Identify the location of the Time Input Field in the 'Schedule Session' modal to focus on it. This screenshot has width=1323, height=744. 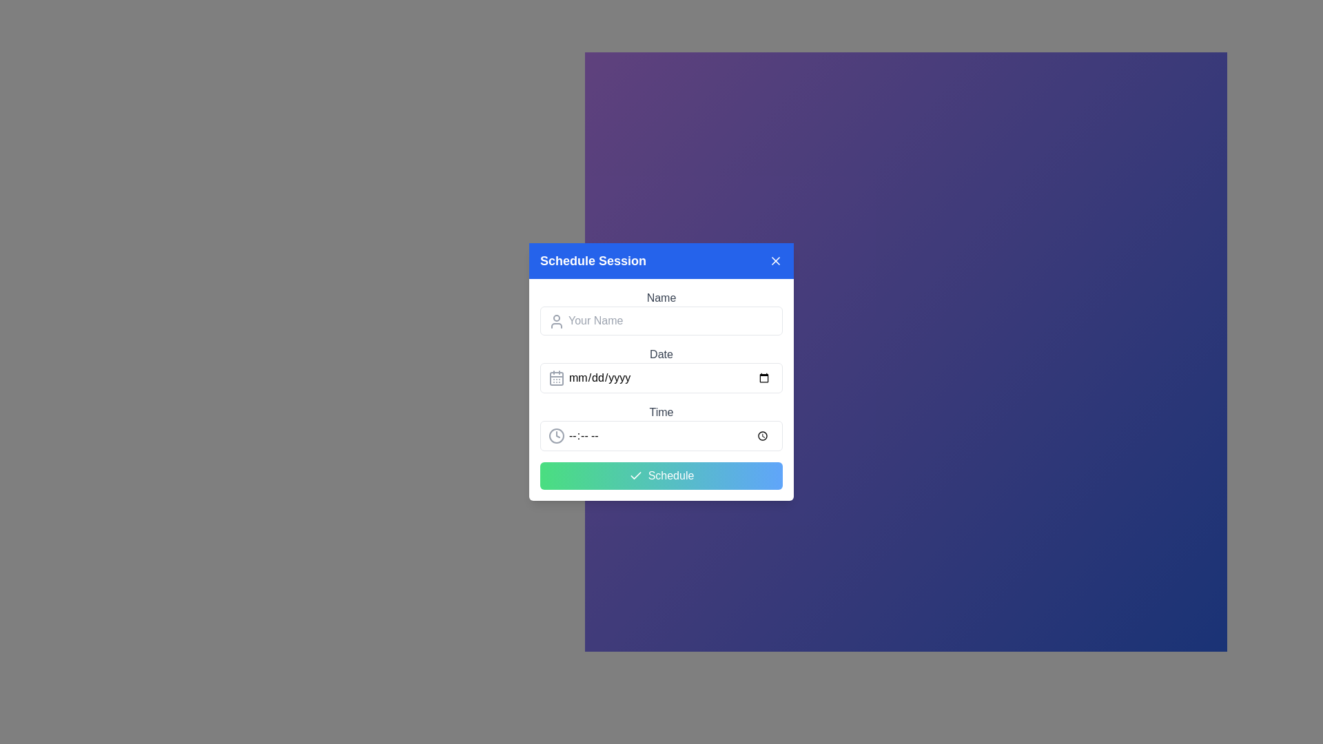
(661, 435).